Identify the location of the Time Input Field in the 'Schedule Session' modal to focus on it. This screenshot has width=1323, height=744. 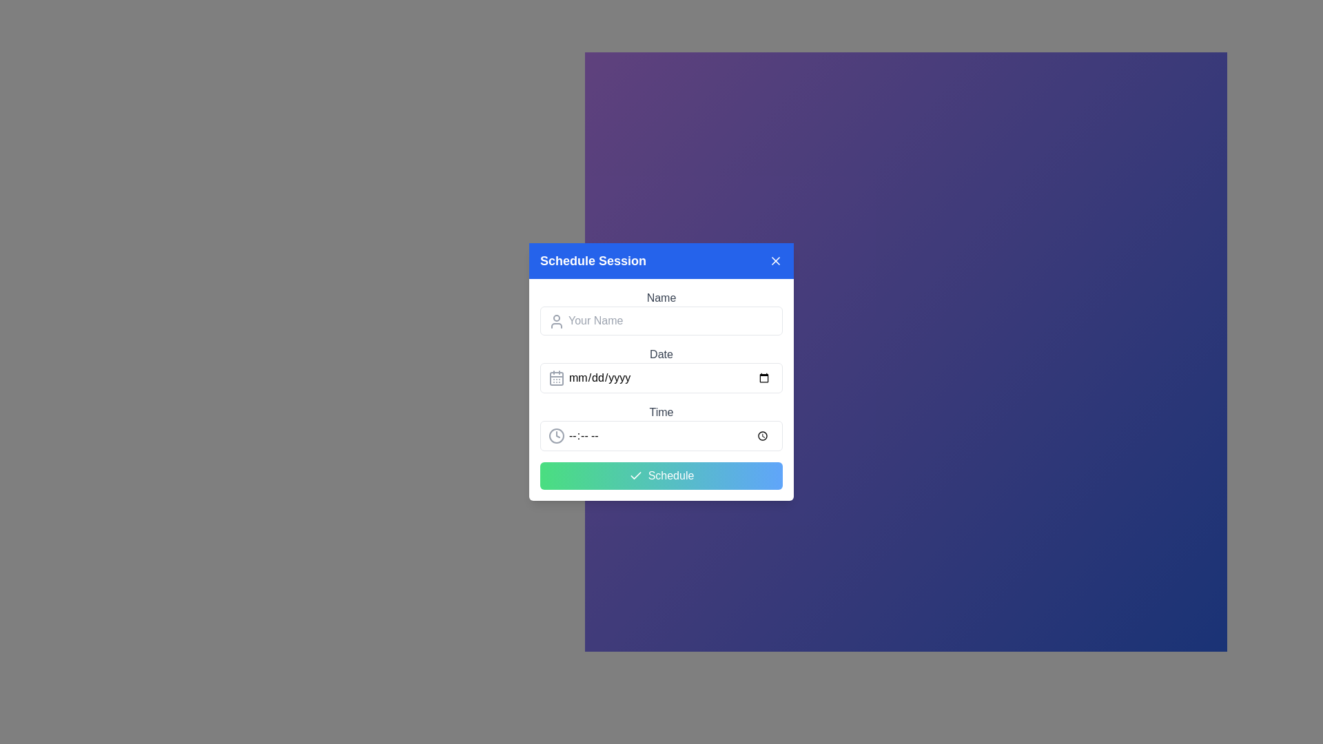
(661, 435).